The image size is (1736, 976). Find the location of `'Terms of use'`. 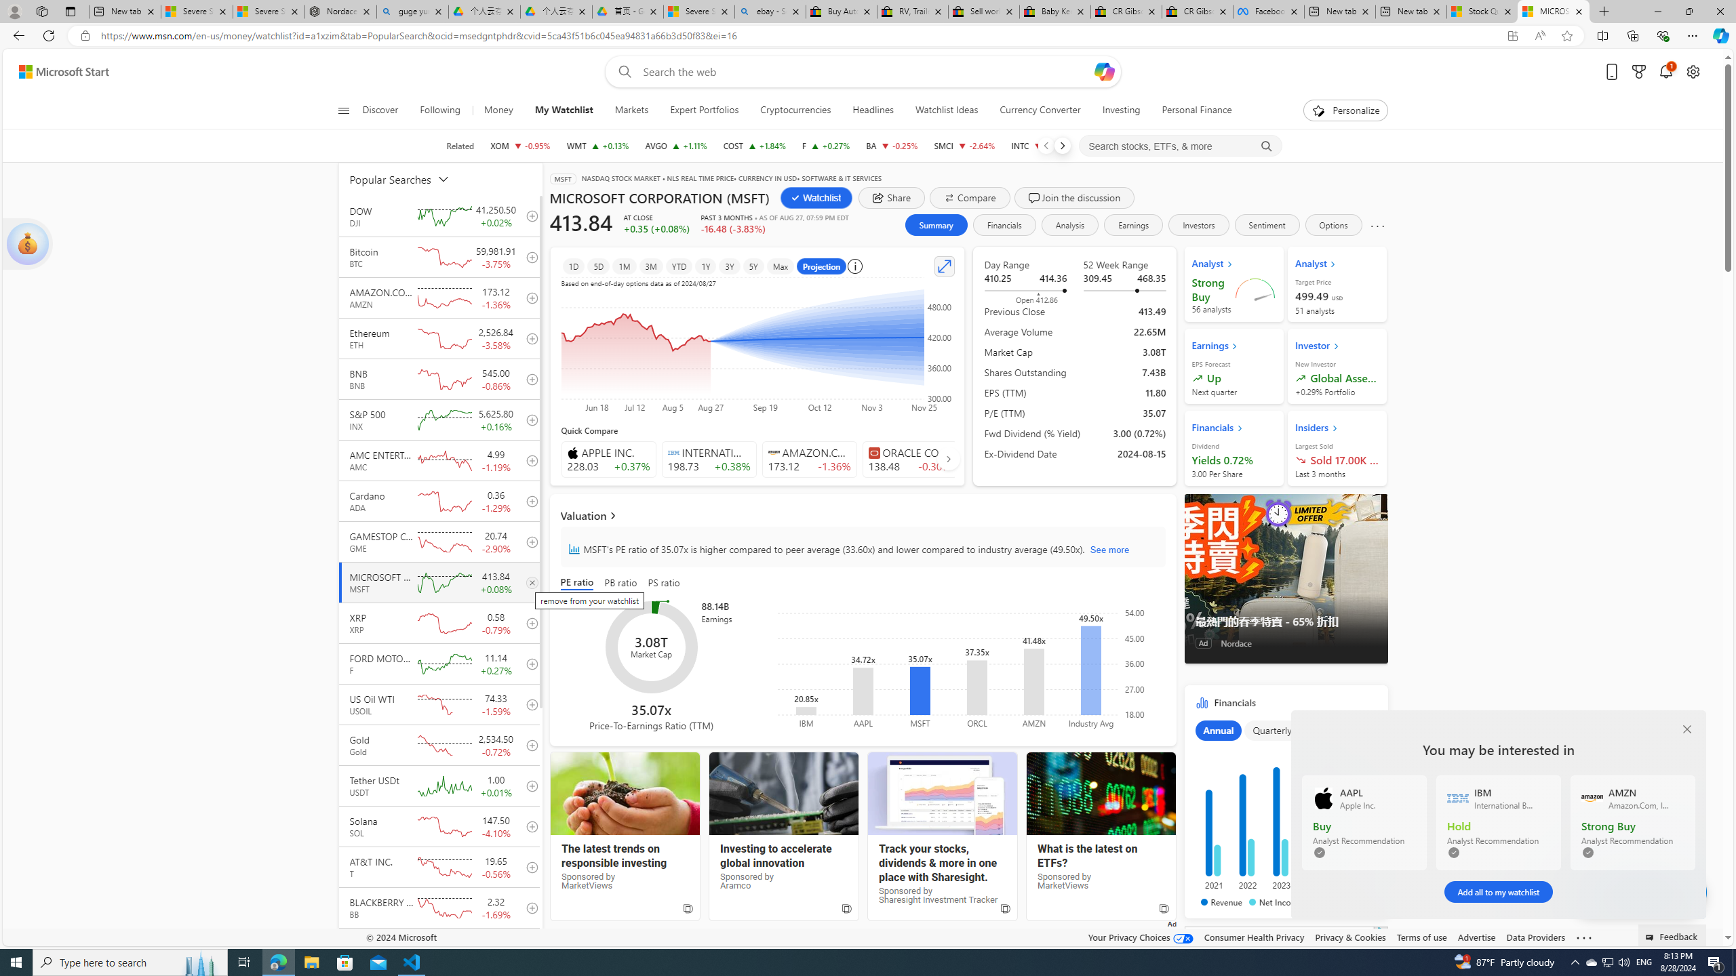

'Terms of use' is located at coordinates (1421, 937).